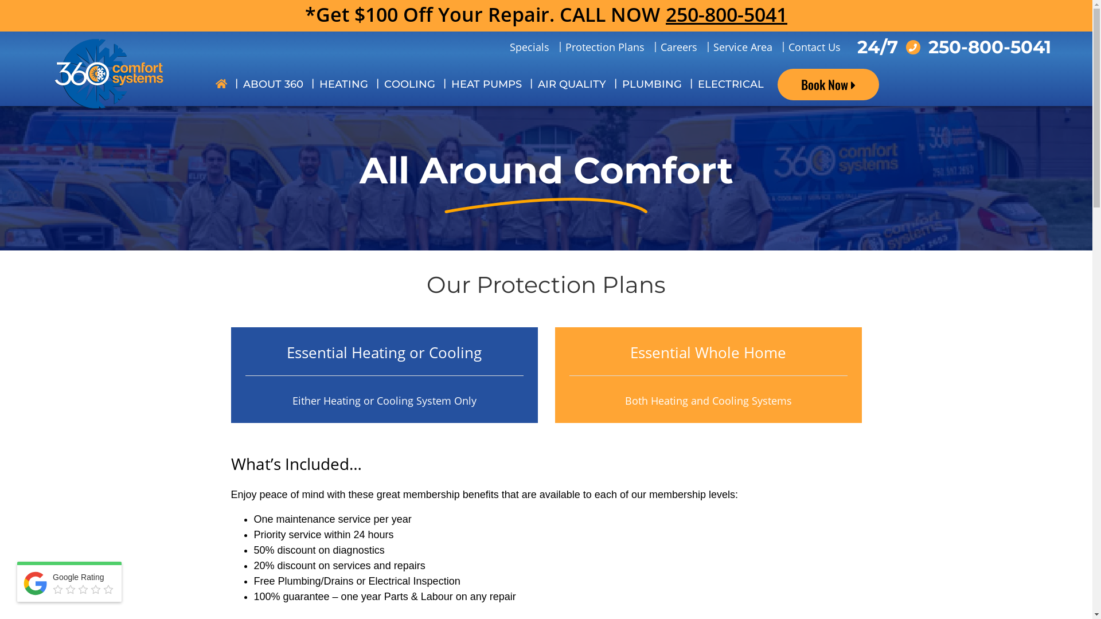 This screenshot has width=1101, height=619. Describe the element at coordinates (572, 84) in the screenshot. I see `'AIR QUALITY'` at that location.